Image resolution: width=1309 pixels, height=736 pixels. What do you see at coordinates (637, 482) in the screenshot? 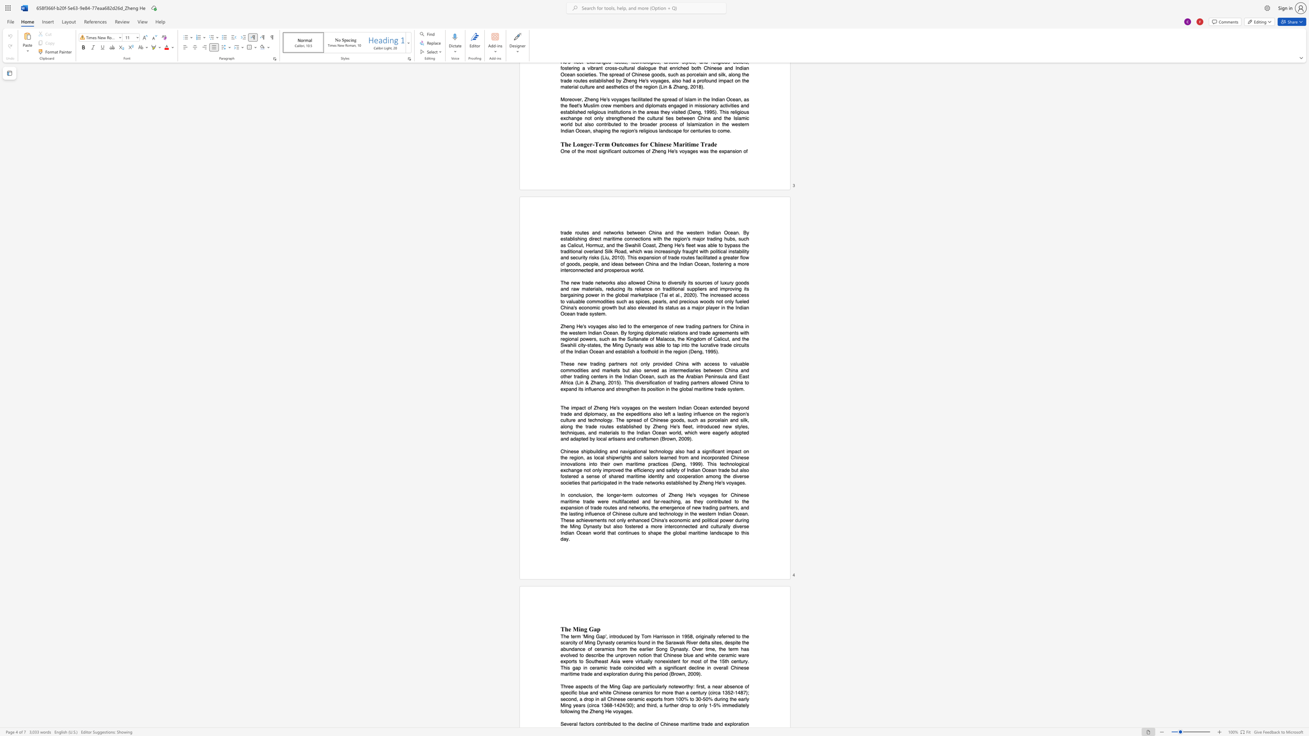
I see `the space between the continuous character "a" and "d" in the text` at bounding box center [637, 482].